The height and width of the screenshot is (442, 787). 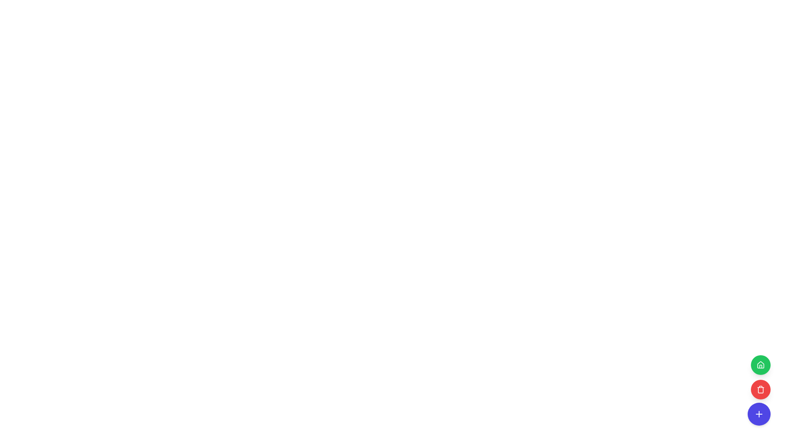 I want to click on the trash bin icon located in the second circular button from the top in a vertically aligned set of three buttons on the right side of the interface, so click(x=760, y=389).